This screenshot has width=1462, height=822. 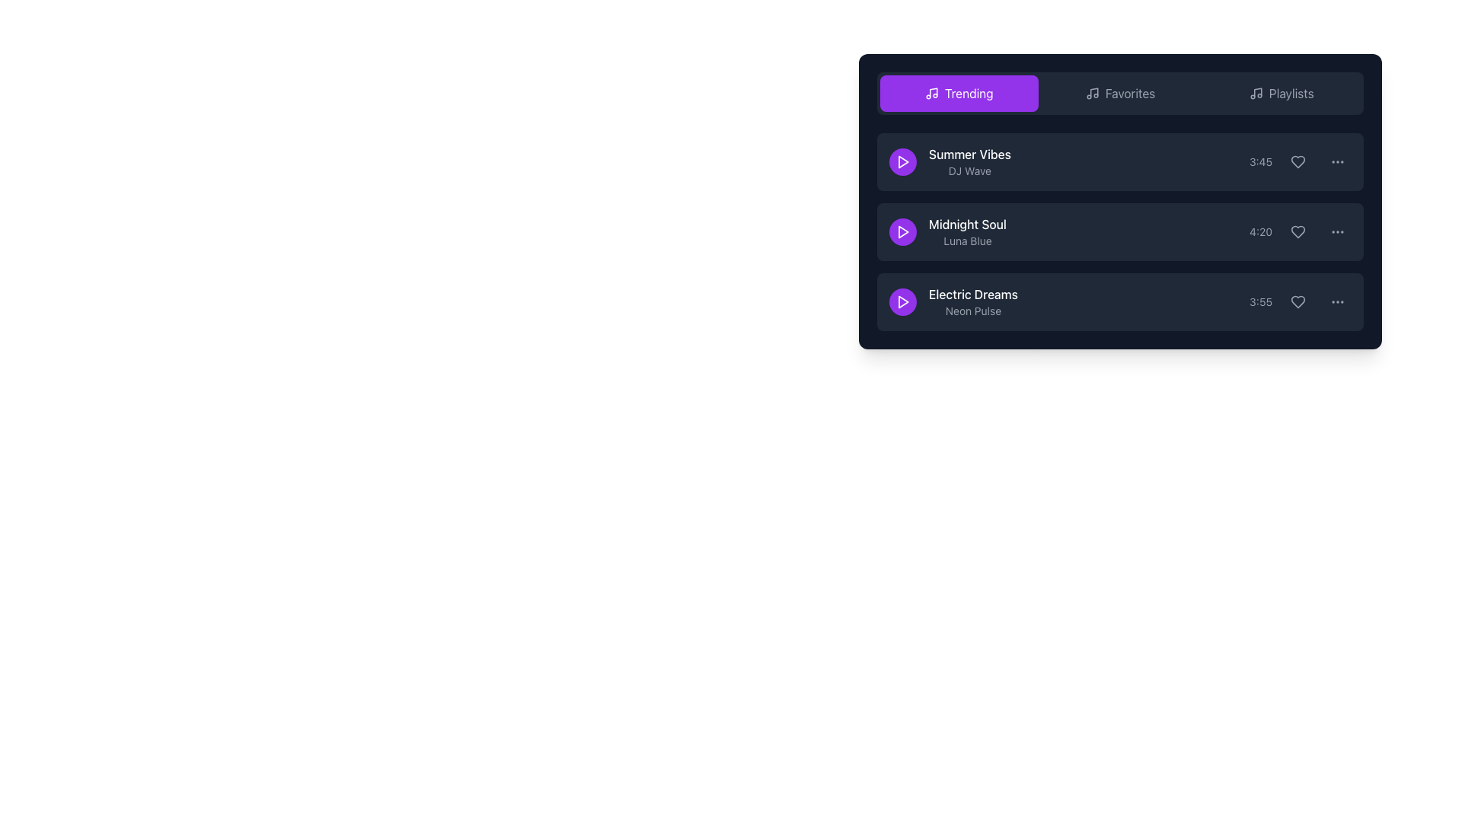 I want to click on the purple triangular play icon located on the left side of the 'Summer Vibes' track row, so click(x=903, y=161).